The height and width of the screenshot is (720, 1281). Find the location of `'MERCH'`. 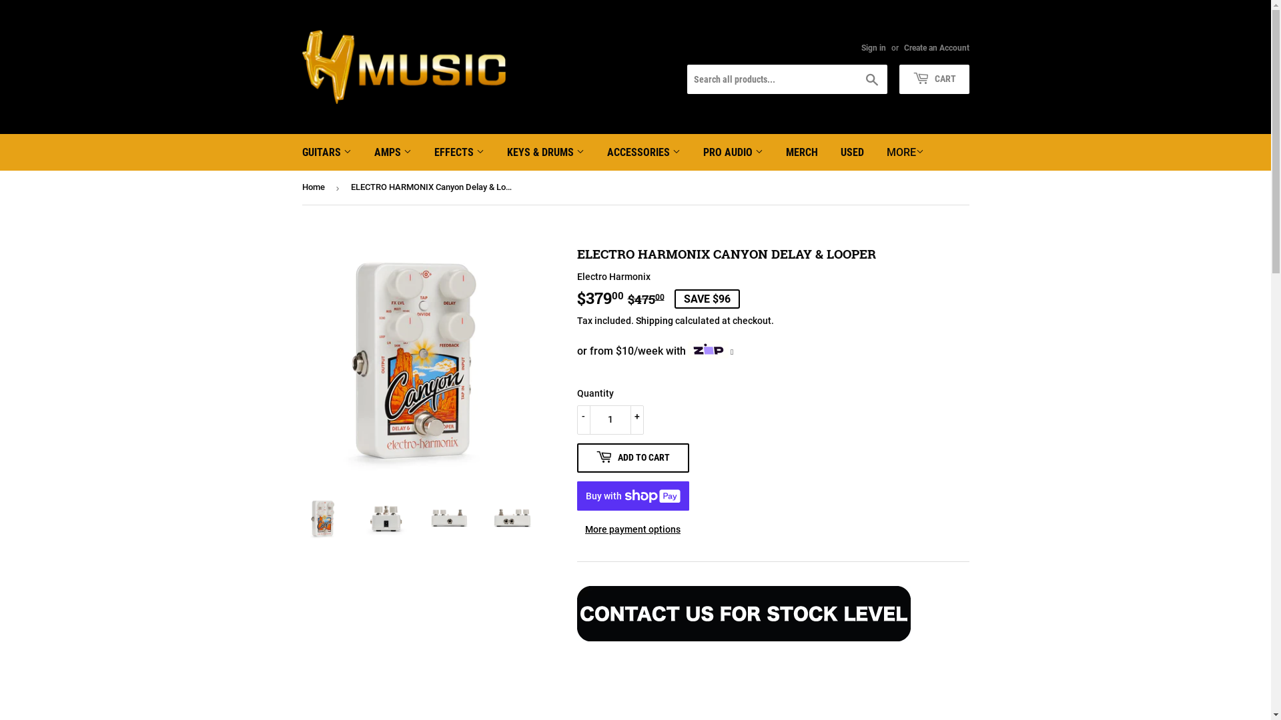

'MERCH' is located at coordinates (801, 151).